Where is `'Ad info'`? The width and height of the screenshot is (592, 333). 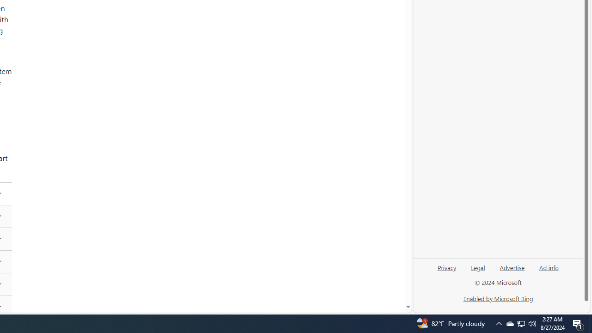
'Ad info' is located at coordinates (549, 267).